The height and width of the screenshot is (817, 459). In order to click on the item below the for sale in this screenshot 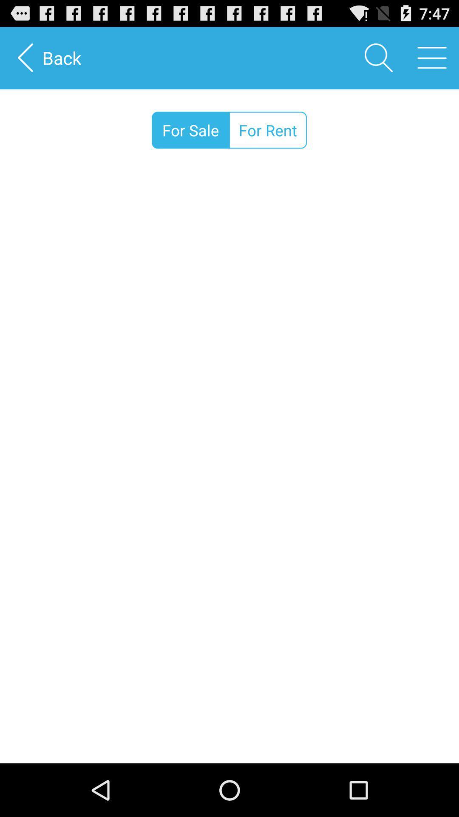, I will do `click(229, 467)`.